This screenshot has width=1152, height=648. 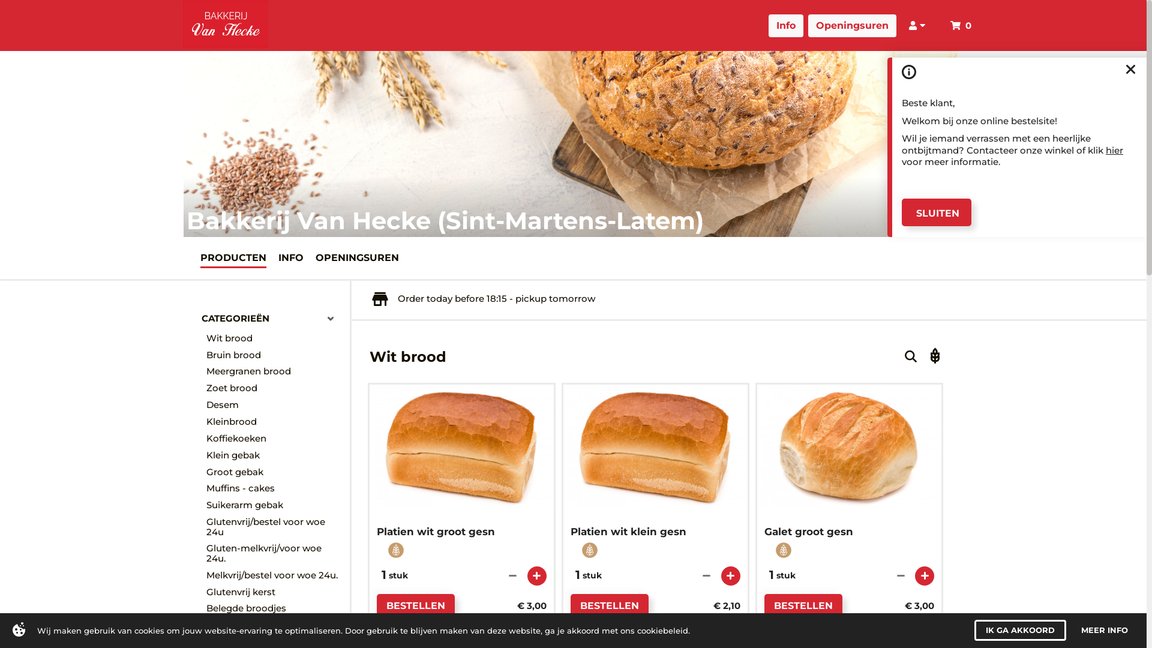 I want to click on 'PRODUCTEN', so click(x=233, y=257).